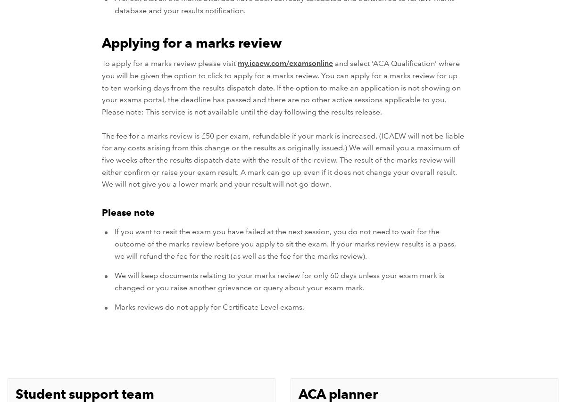 Image resolution: width=566 pixels, height=402 pixels. Describe the element at coordinates (338, 394) in the screenshot. I see `'ACA planner'` at that location.